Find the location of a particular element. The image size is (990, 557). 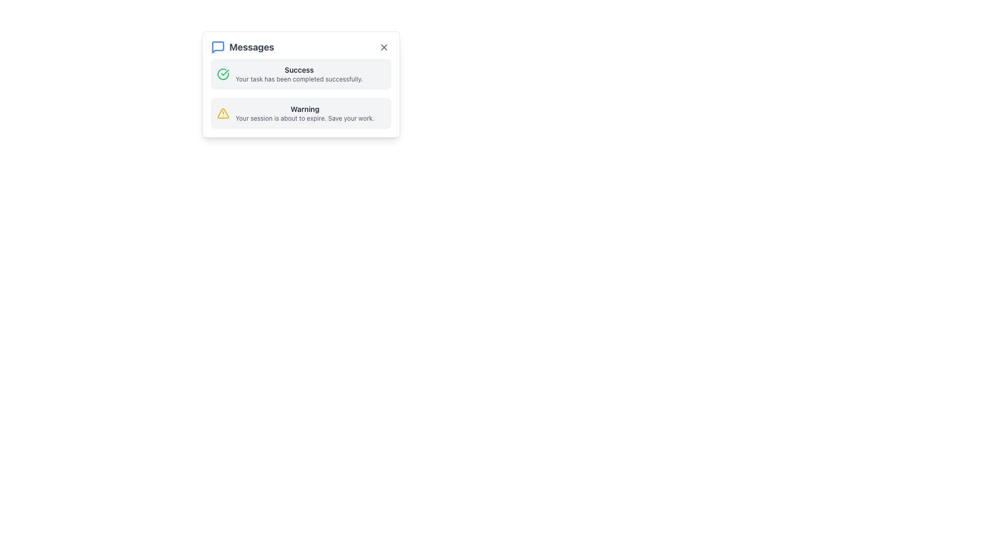

the Text Label that states 'Your session is about to expire. Save your work.' which is located below the bold 'Warning' heading in the notification box is located at coordinates (304, 118).